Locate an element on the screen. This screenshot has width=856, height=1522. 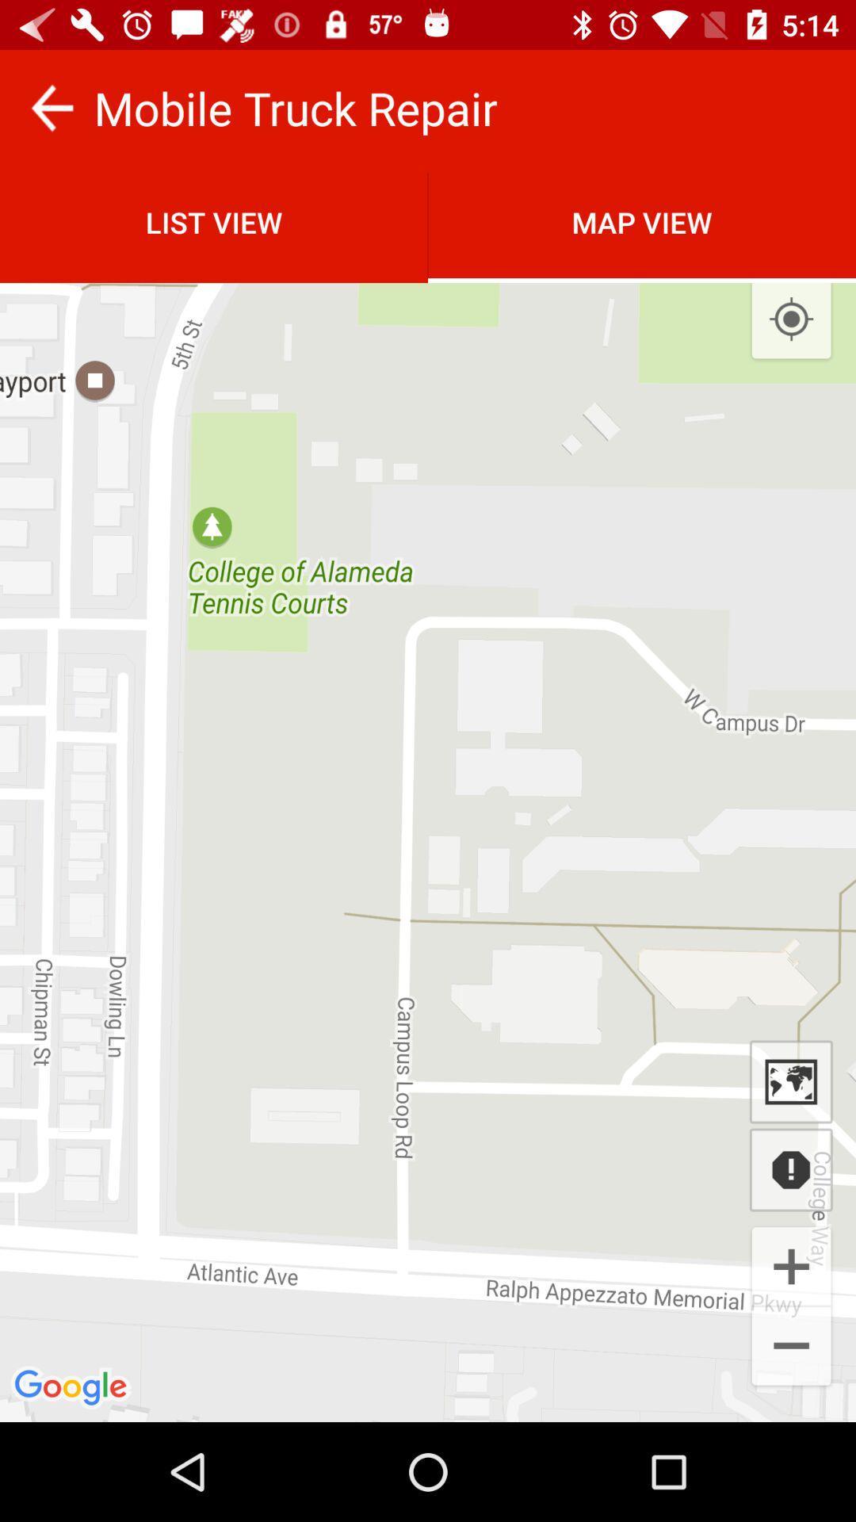
the app to the left of the map view icon is located at coordinates (214, 221).